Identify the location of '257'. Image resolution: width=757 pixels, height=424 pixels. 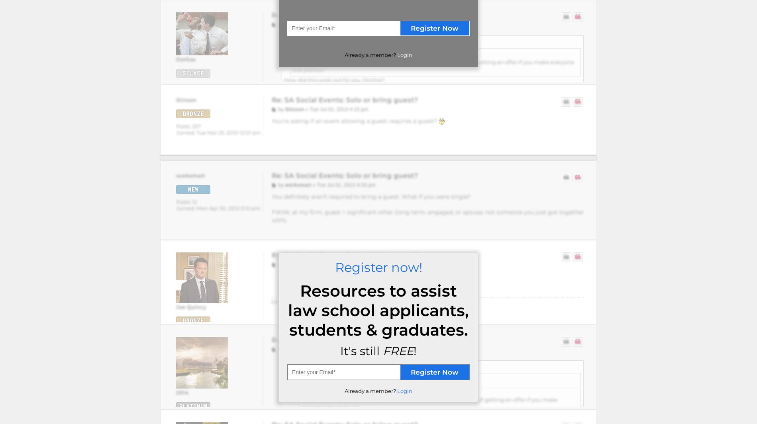
(196, 126).